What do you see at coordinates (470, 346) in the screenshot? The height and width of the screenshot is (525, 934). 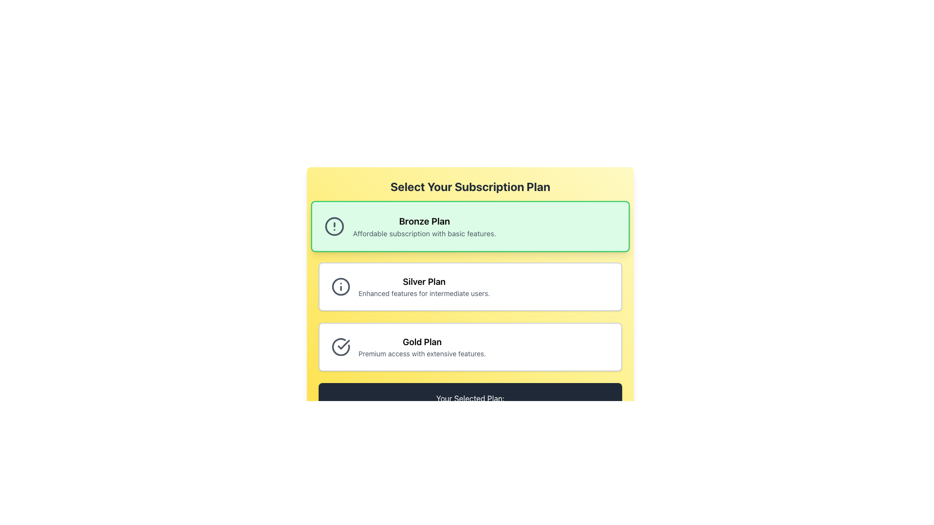 I see `the 'Gold Plan' card, which is a rectangular card with a white background and a gray outline, featuring a large gray checkmark icon, the title 'Gold Plan' in bold, and the subtitle 'Premium access with extensive features.'` at bounding box center [470, 346].